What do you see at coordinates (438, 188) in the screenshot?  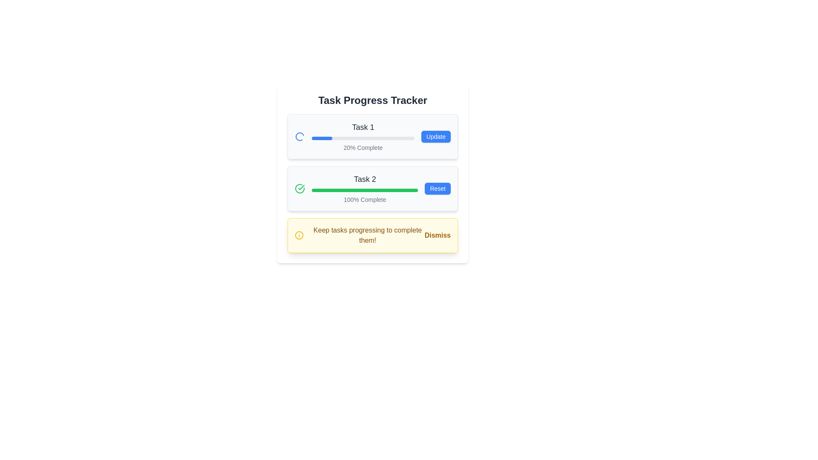 I see `the interactive reset button positioned to the right of the '100% Complete' green progress bar within the 'Task 2' group` at bounding box center [438, 188].